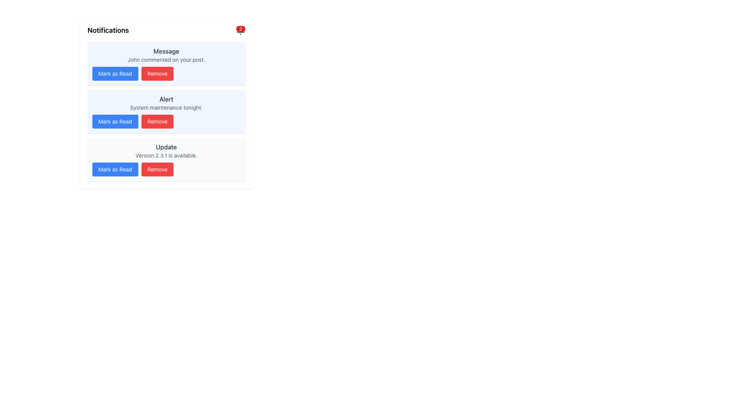 Image resolution: width=742 pixels, height=417 pixels. What do you see at coordinates (166, 59) in the screenshot?
I see `the gray text label that says 'John commented on your post.' located below the bold text 'Message' in the first notification card` at bounding box center [166, 59].